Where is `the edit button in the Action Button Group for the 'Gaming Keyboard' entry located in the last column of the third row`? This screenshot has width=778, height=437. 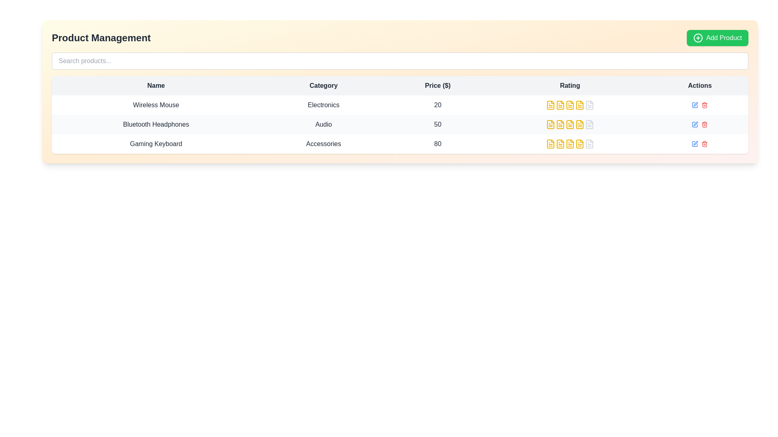
the edit button in the Action Button Group for the 'Gaming Keyboard' entry located in the last column of the third row is located at coordinates (699, 143).